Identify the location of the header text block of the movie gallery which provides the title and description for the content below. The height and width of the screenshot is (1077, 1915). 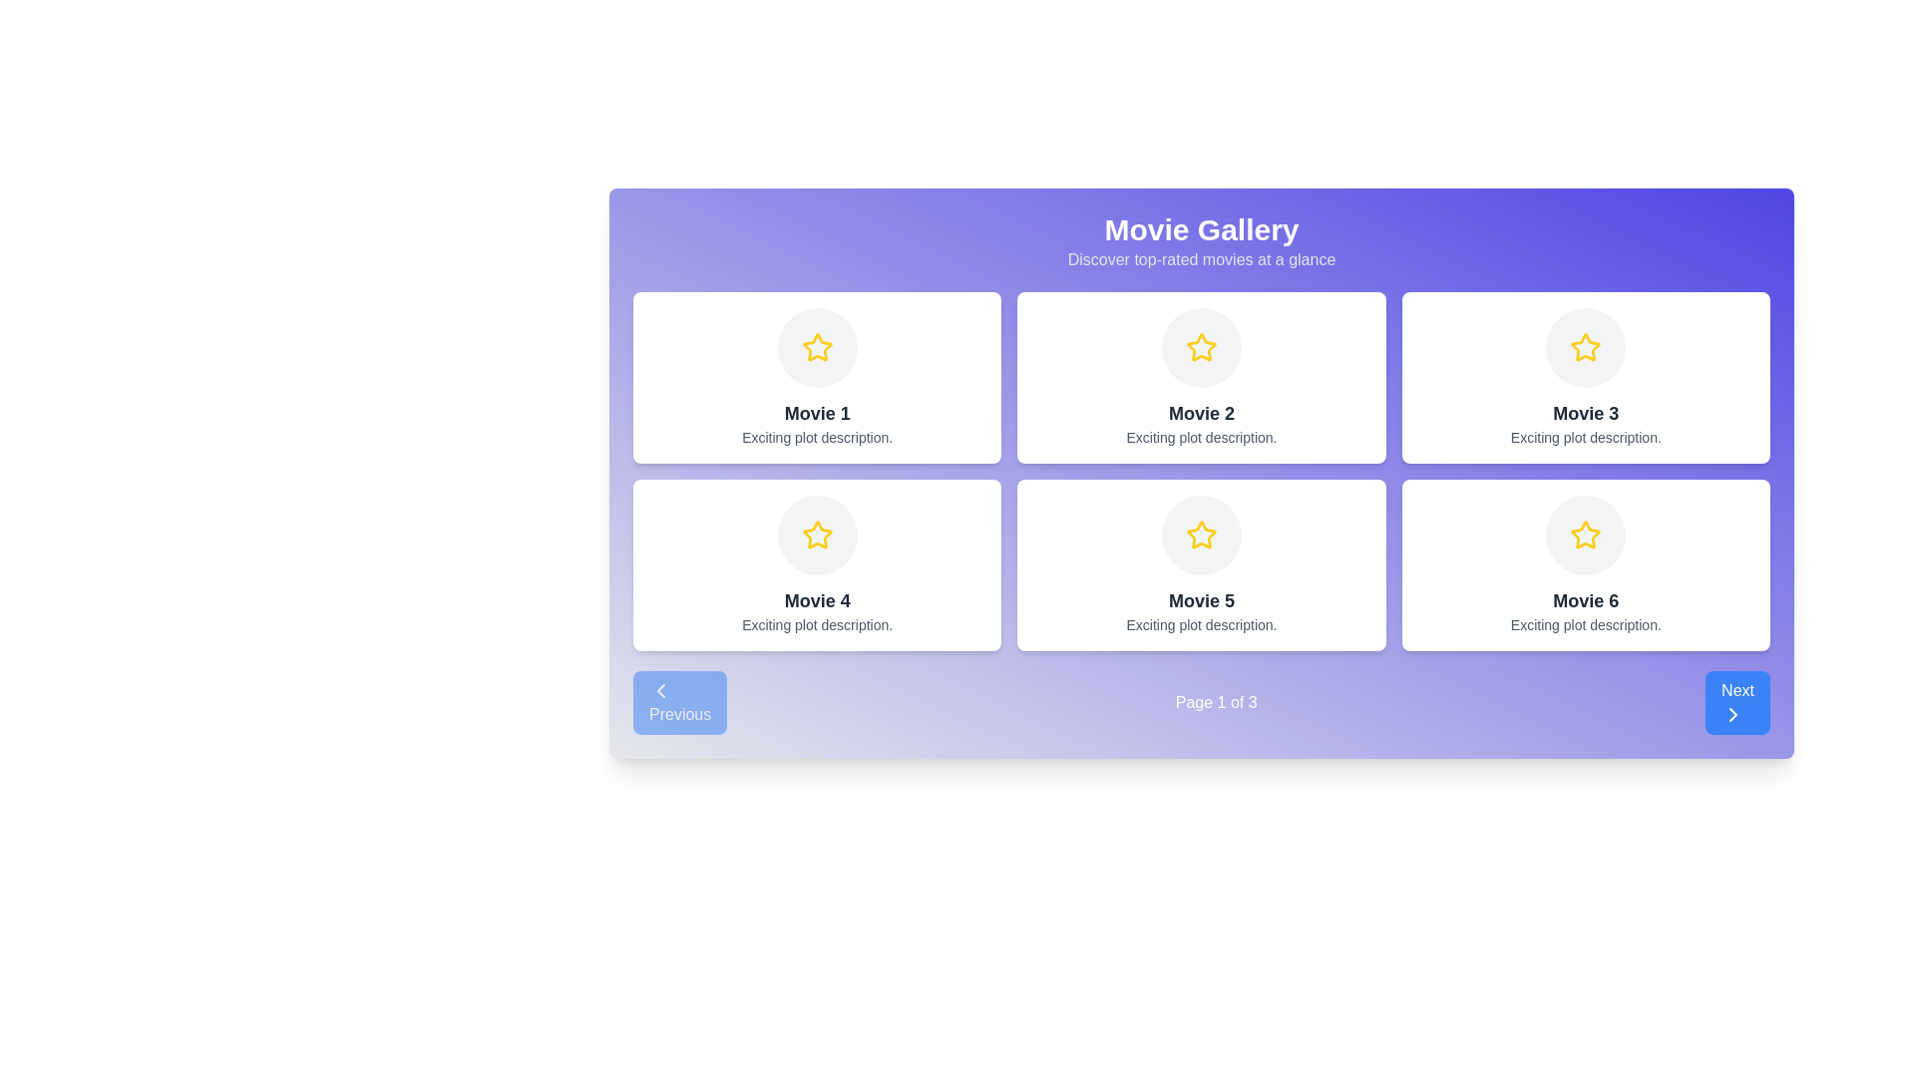
(1200, 241).